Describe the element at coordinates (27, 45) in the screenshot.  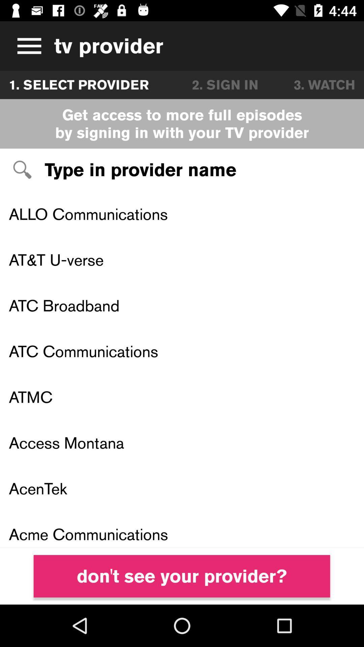
I see `item above the 1. select provider icon` at that location.